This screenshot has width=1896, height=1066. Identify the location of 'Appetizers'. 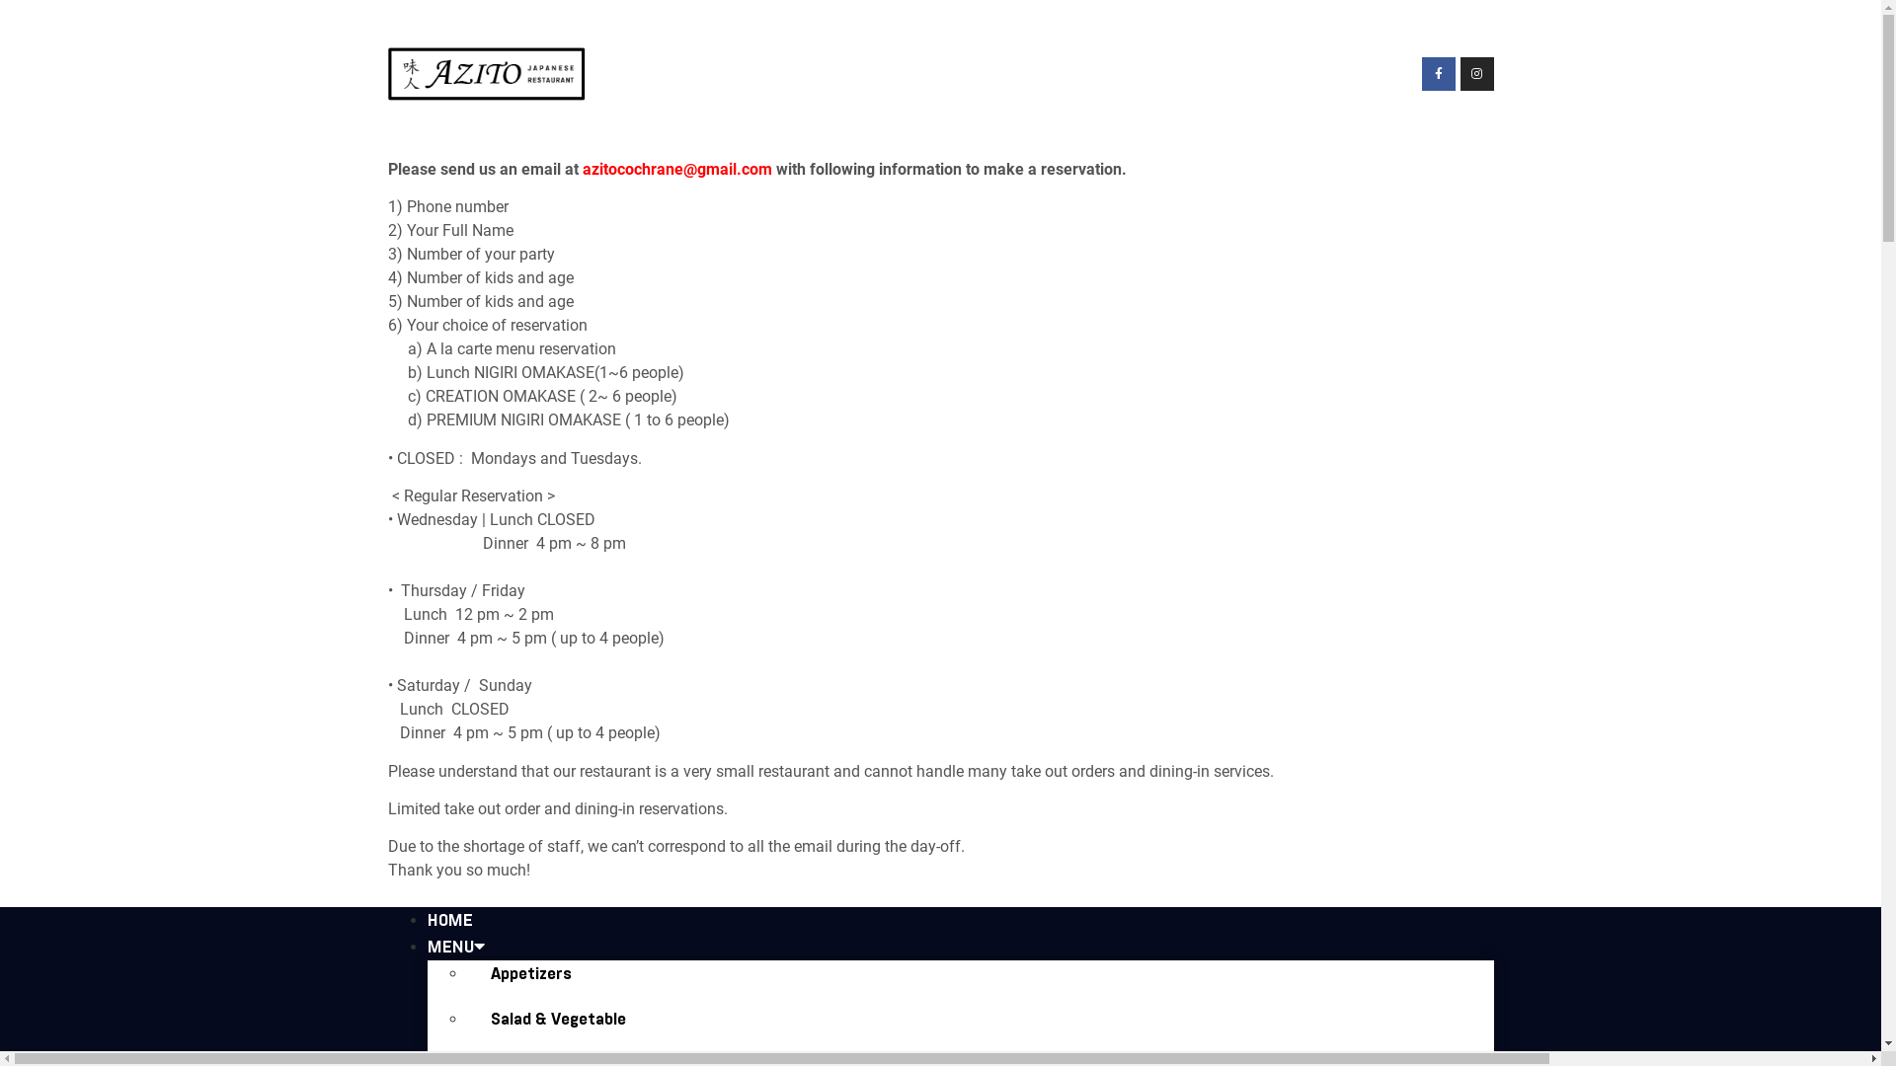
(464, 972).